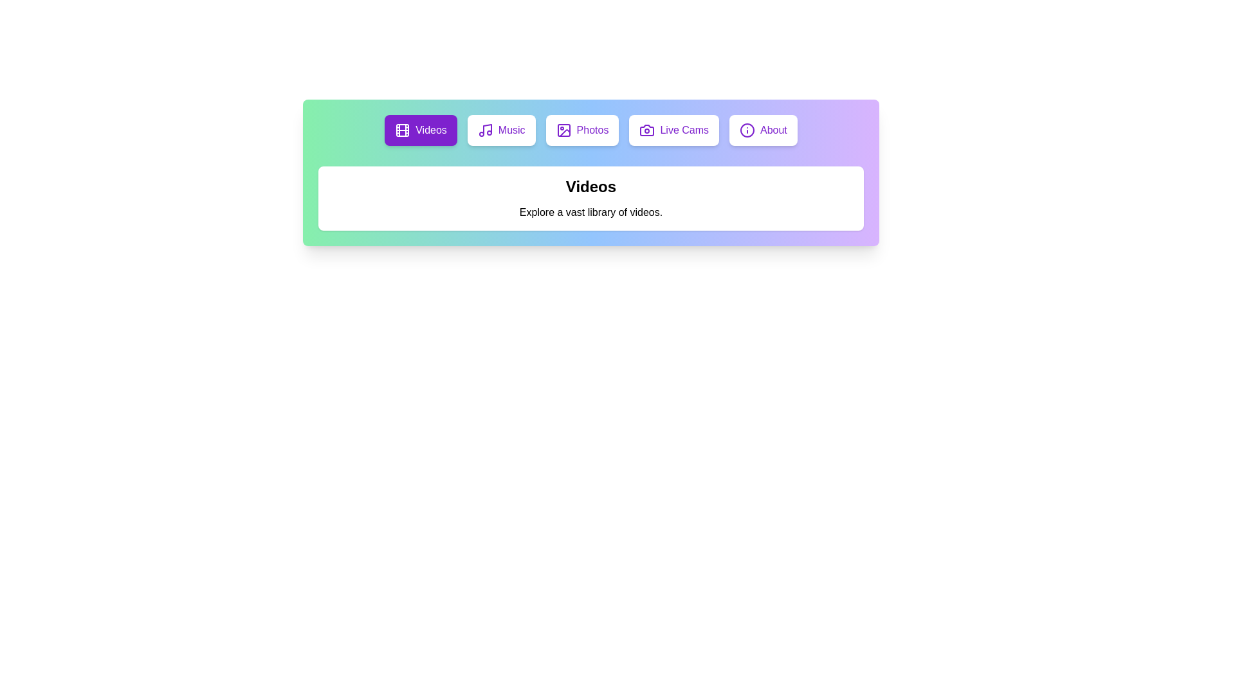  What do you see at coordinates (500, 130) in the screenshot?
I see `the Music tab to view its content` at bounding box center [500, 130].